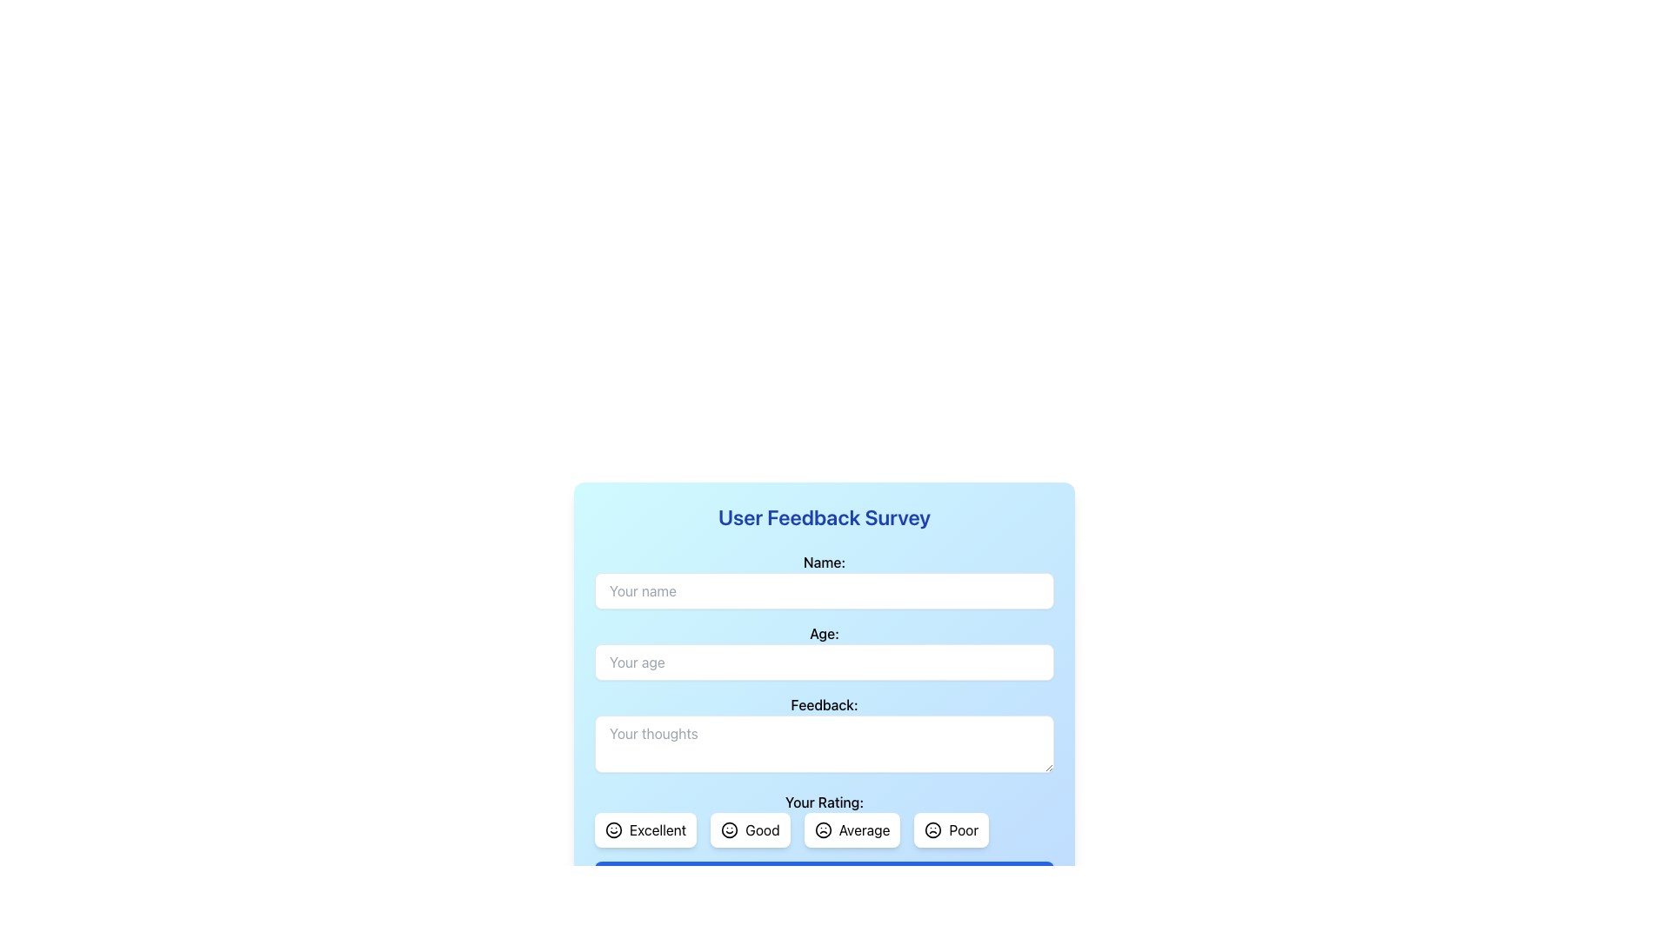 The image size is (1670, 939). What do you see at coordinates (730, 829) in the screenshot?
I see `the circular smiley face icon located to the left of the 'Good' button in the rating section beneath the feedback form` at bounding box center [730, 829].